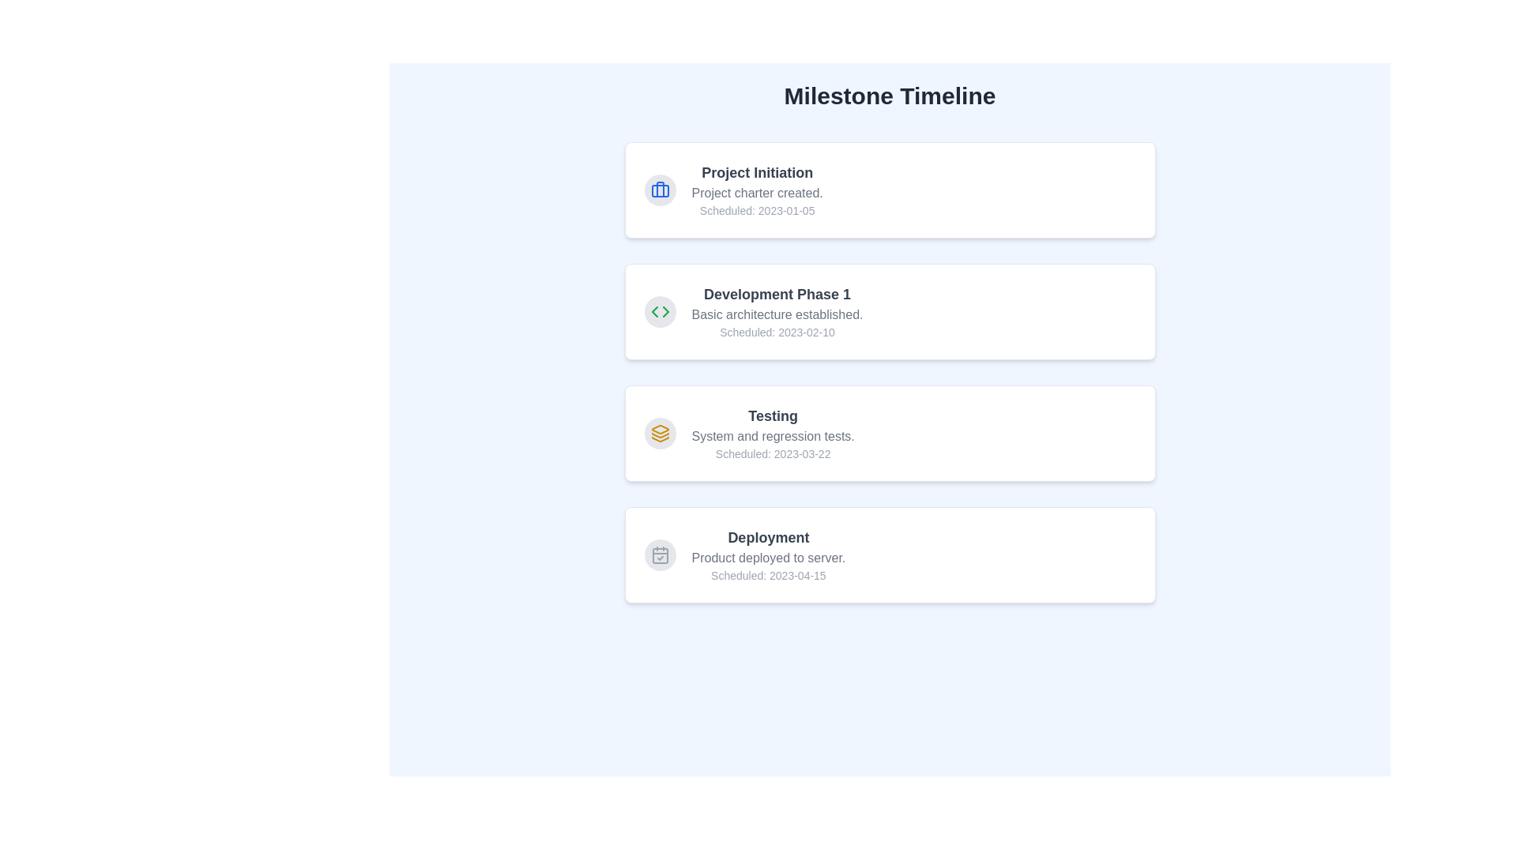  What do you see at coordinates (660, 189) in the screenshot?
I see `the Decorative Icon, which is a square icon with rounded corners featuring a blue briefcase illustration on a light gray background, positioned to the left of the 'Project Initiation' text in the top card of the milestone timelines list` at bounding box center [660, 189].